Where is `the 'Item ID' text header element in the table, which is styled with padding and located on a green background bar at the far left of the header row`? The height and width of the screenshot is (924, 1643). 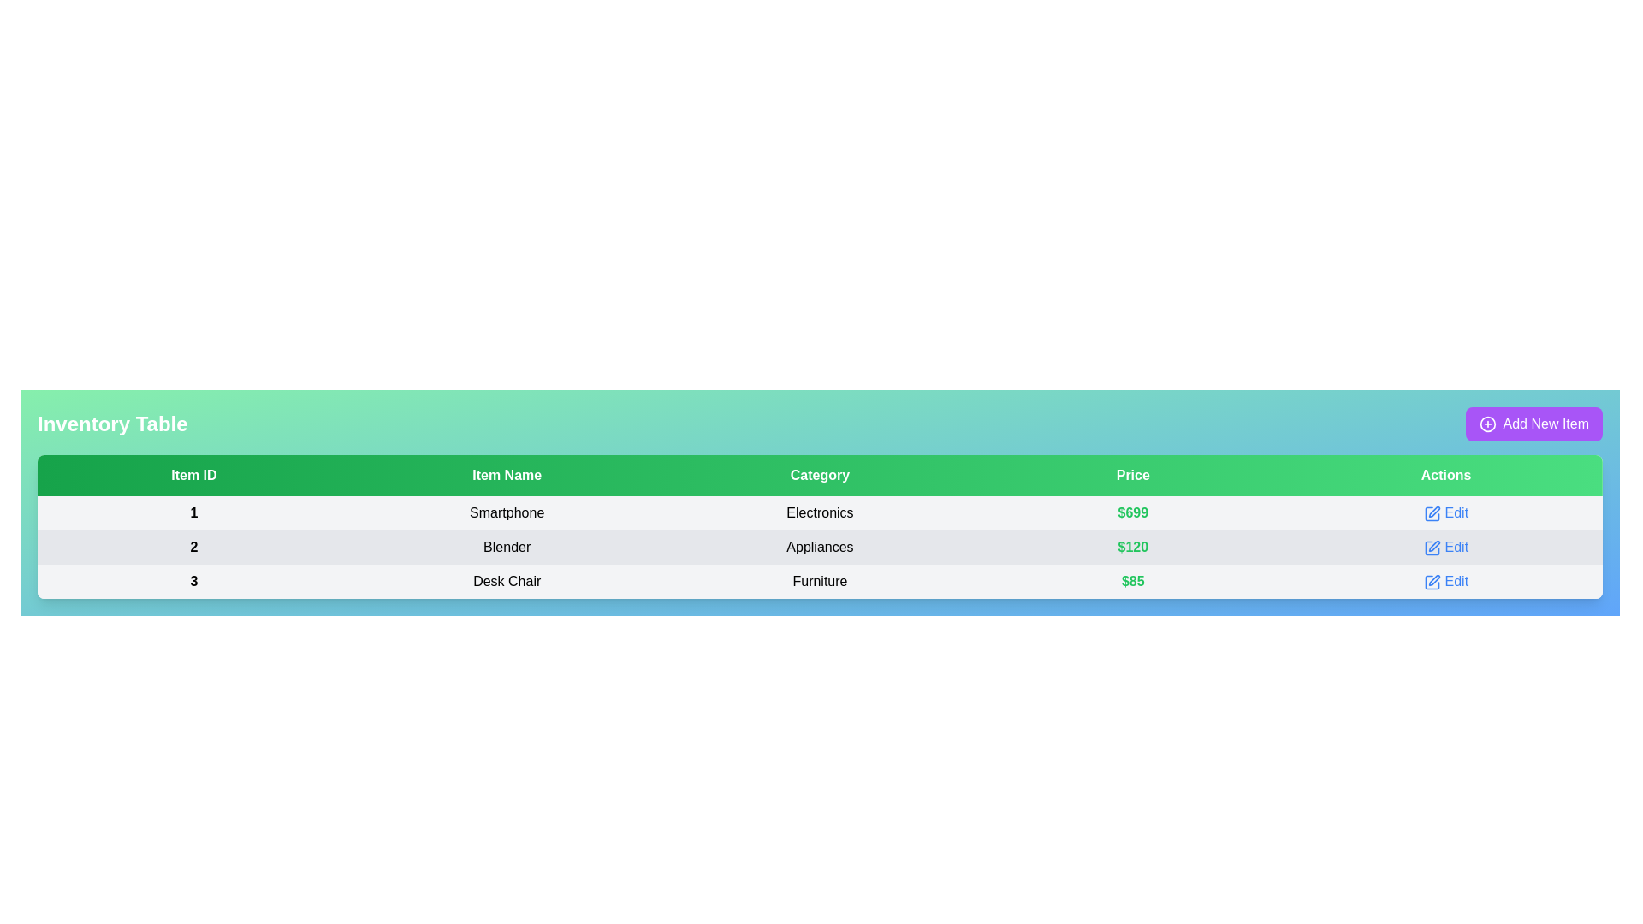
the 'Item ID' text header element in the table, which is styled with padding and located on a green background bar at the far left of the header row is located at coordinates (193, 475).